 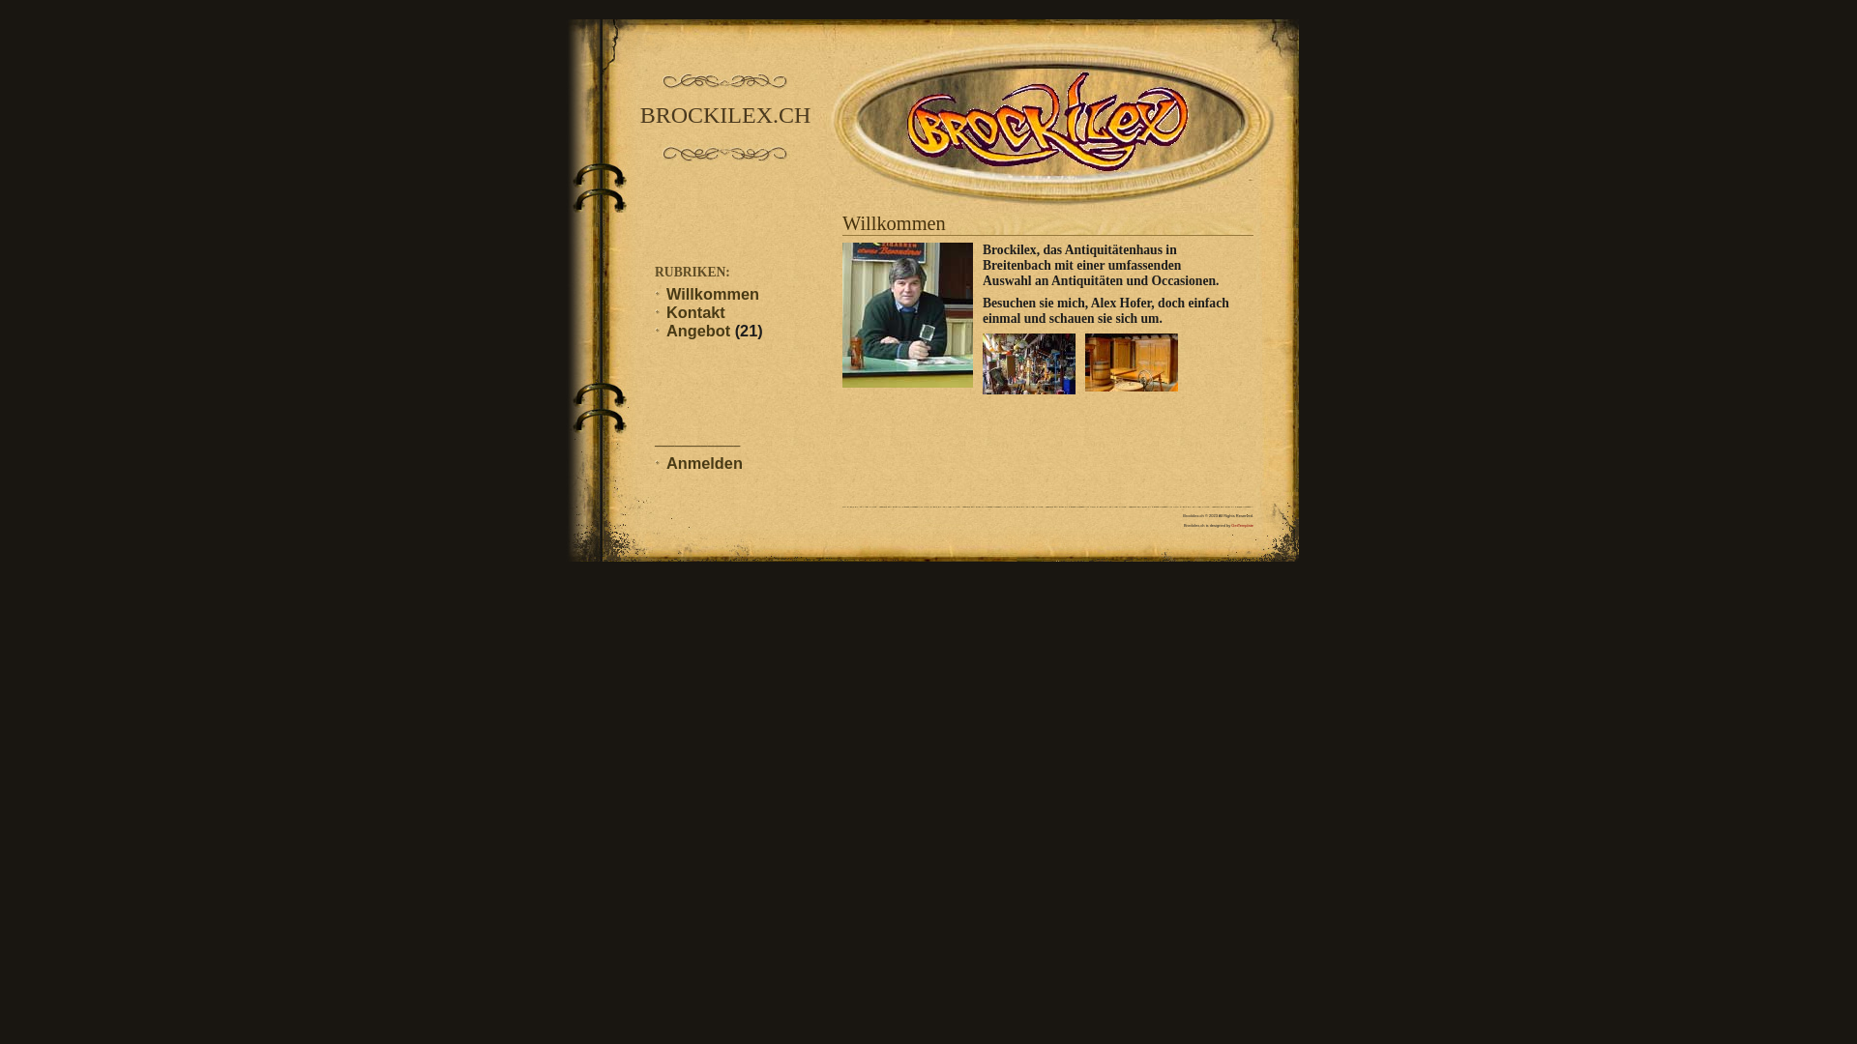 I want to click on 'Angebot', so click(x=696, y=330).